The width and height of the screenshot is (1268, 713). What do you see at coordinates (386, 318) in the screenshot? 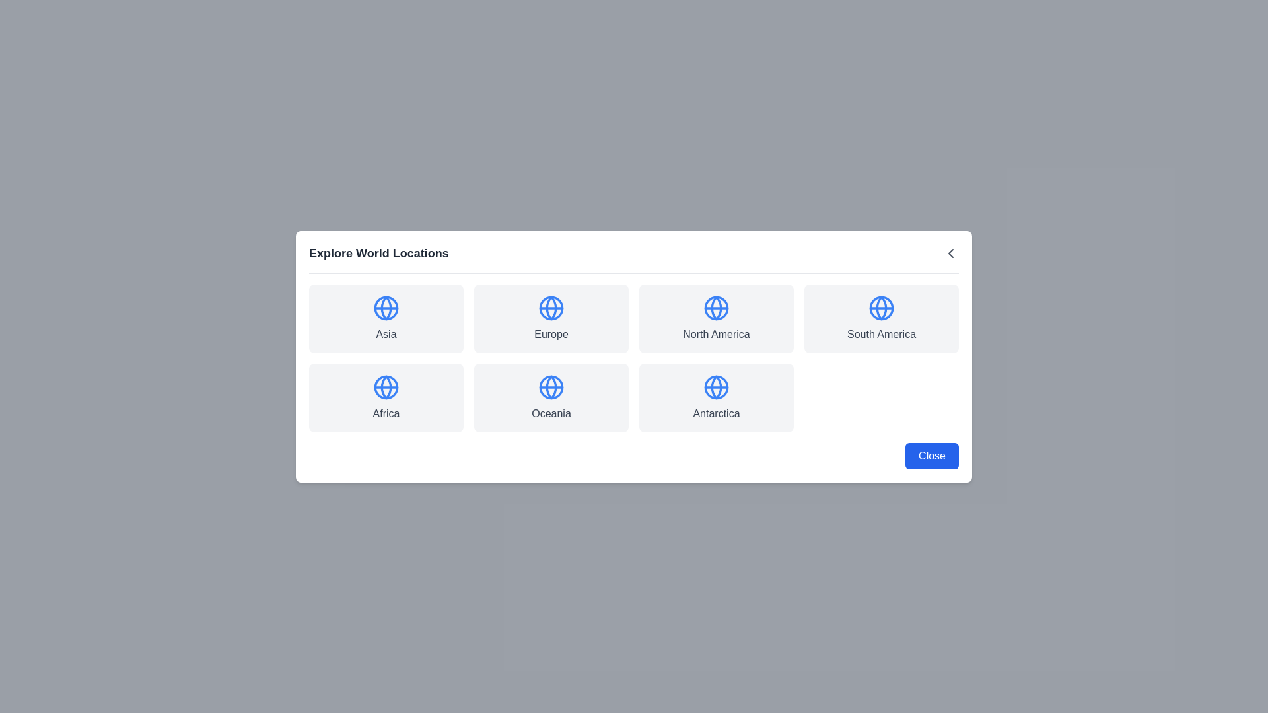
I see `the location Asia to select it` at bounding box center [386, 318].